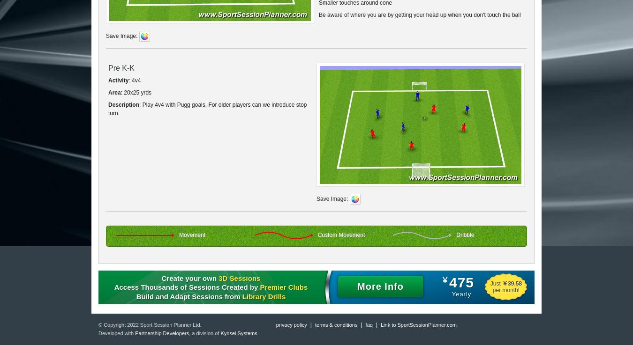  Describe the element at coordinates (204, 333) in the screenshot. I see `', a division of'` at that location.